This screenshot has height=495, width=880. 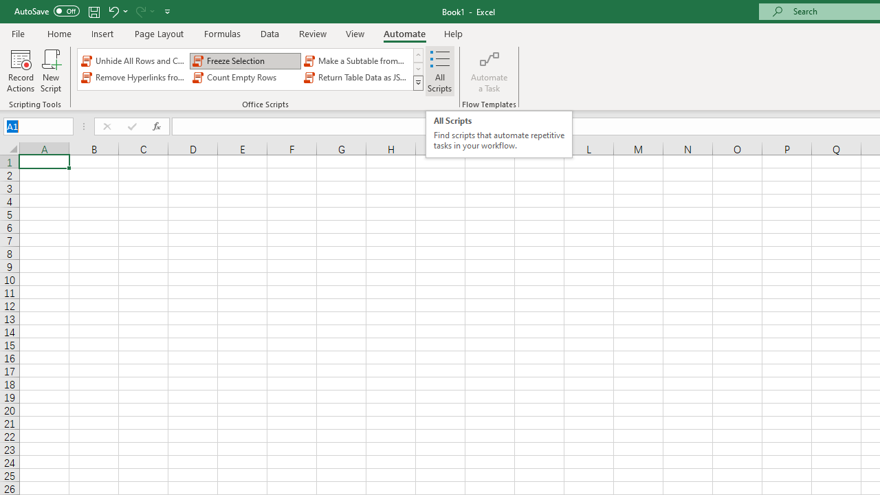 What do you see at coordinates (167, 11) in the screenshot?
I see `'Customize Quick Access Toolbar'` at bounding box center [167, 11].